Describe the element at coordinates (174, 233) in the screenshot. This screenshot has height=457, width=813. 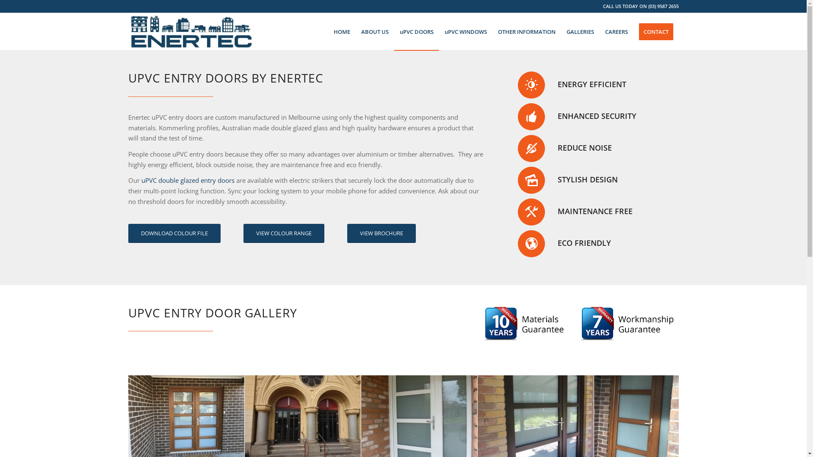
I see `'DOWNLOAD COLOUR FILE'` at that location.